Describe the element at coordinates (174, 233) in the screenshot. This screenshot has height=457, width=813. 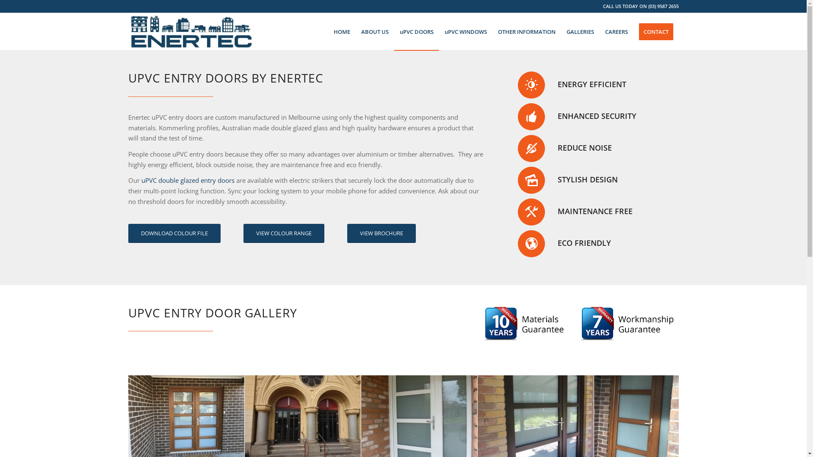
I see `'DOWNLOAD COLOUR FILE'` at that location.